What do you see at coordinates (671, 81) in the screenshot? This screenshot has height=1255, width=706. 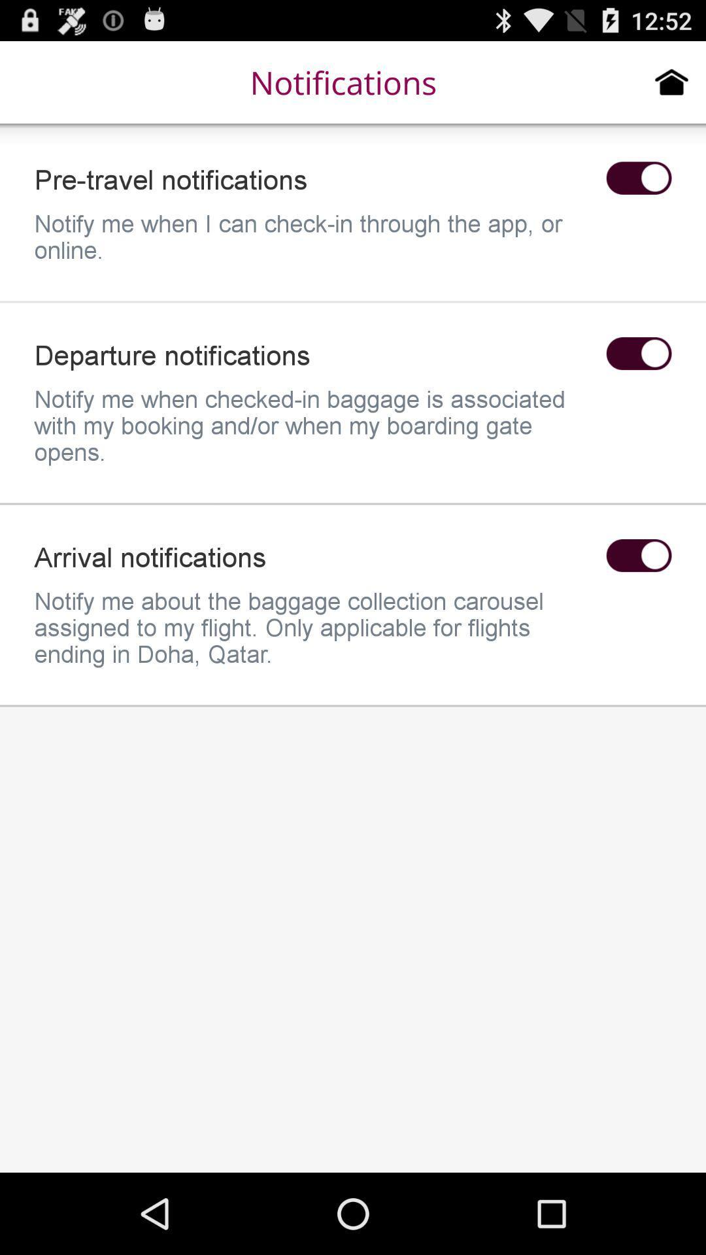 I see `homescreen` at bounding box center [671, 81].